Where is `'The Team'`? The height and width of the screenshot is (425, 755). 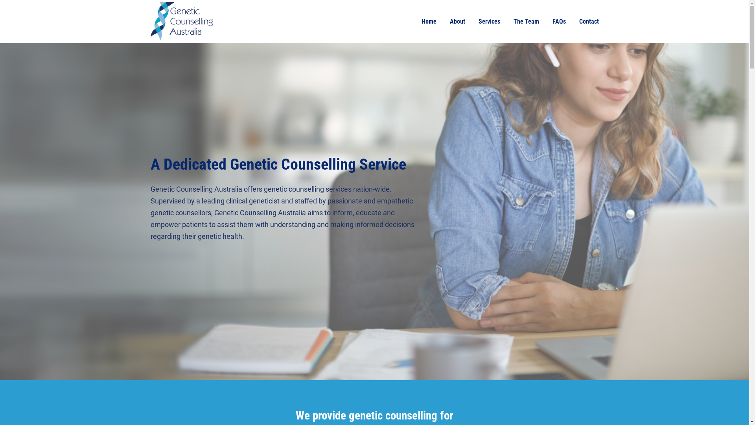
'The Team' is located at coordinates (526, 21).